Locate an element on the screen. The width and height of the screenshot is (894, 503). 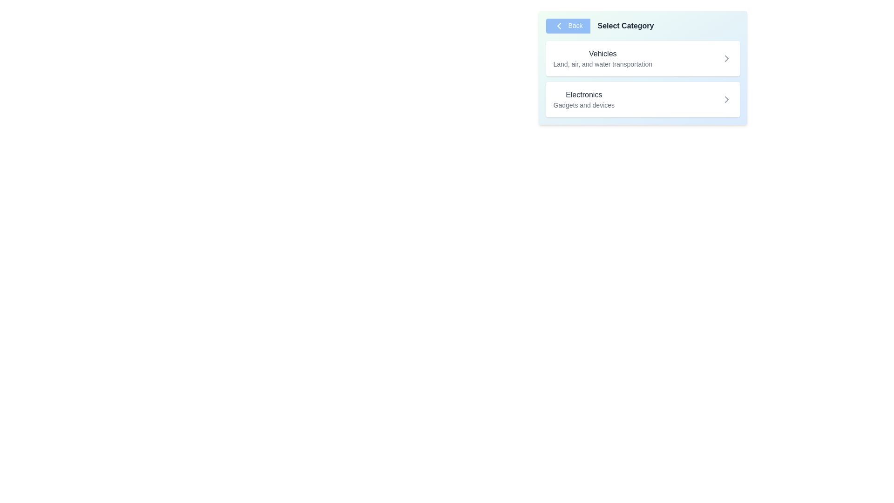
the text label displaying 'Select Category', which is bold and gray, located in the toolbar section to the right of the 'Back' button is located at coordinates (626, 26).